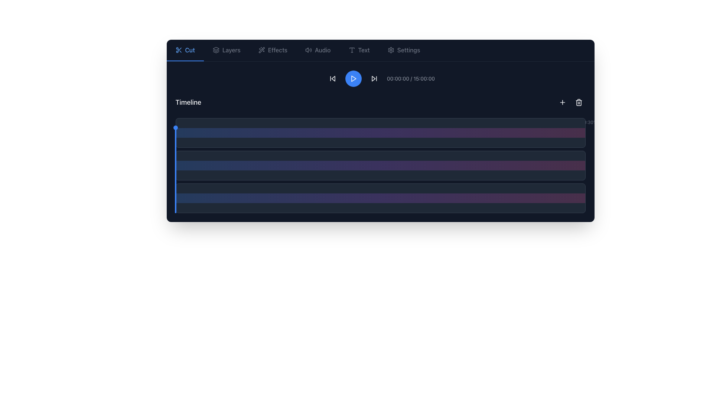 This screenshot has height=401, width=713. What do you see at coordinates (562, 102) in the screenshot?
I see `the square-shaped button with a plus icon, located at the top-right corner of the timeline section` at bounding box center [562, 102].